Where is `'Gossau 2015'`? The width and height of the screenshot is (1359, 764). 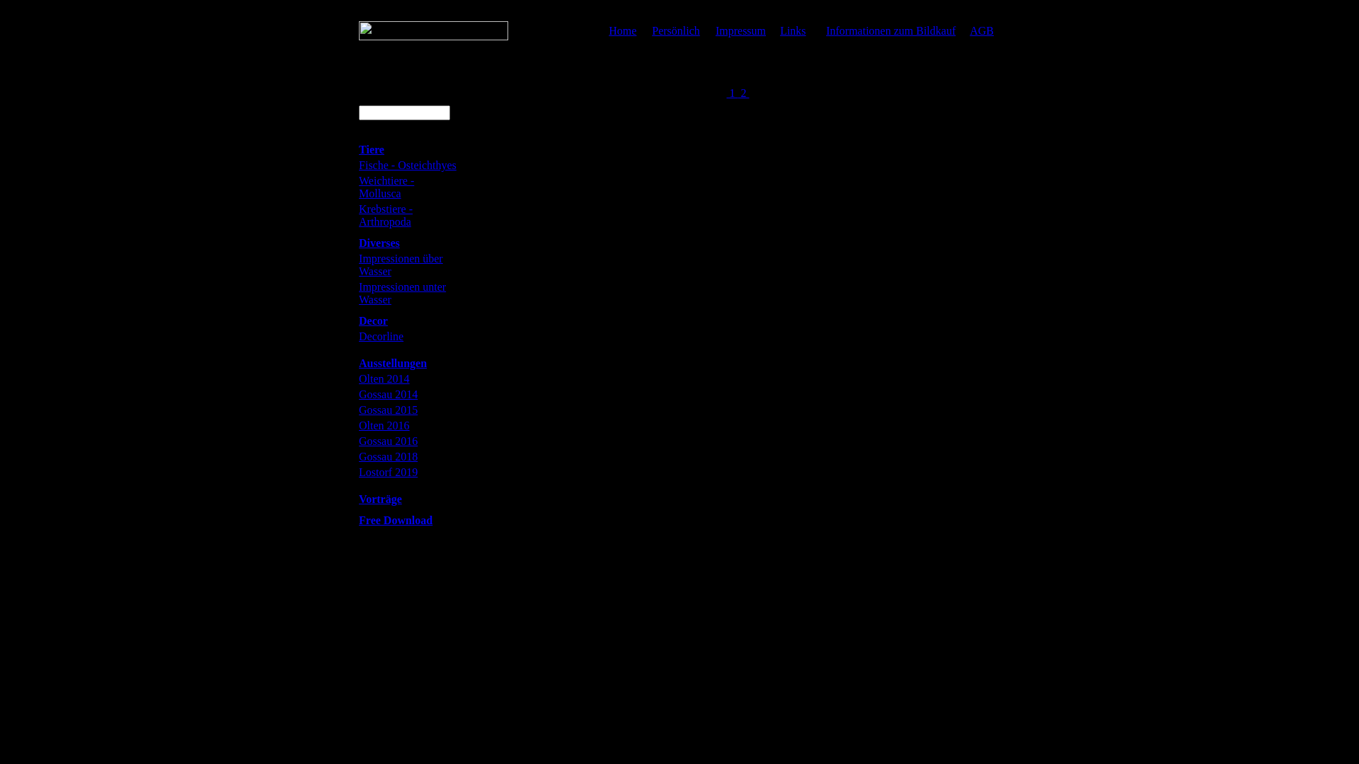 'Gossau 2015' is located at coordinates (359, 410).